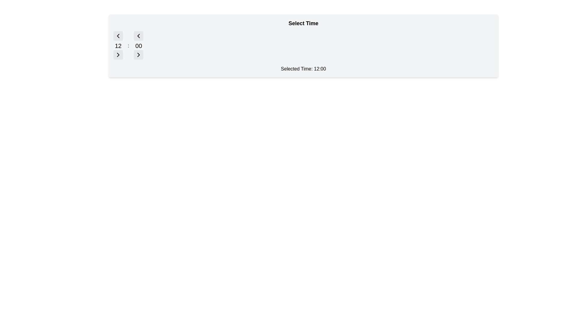 This screenshot has width=576, height=324. What do you see at coordinates (138, 55) in the screenshot?
I see `the chevron icon located in the bottom-right part of the four-button control section to decrease the minute value in the associated time selector interface` at bounding box center [138, 55].